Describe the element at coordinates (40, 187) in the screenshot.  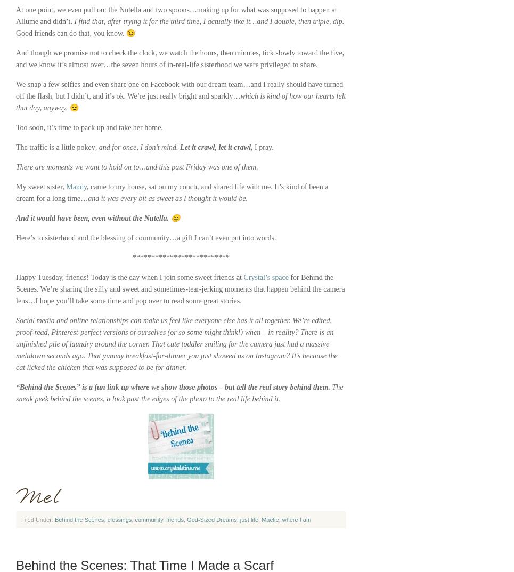
I see `'My sweet sister,'` at that location.